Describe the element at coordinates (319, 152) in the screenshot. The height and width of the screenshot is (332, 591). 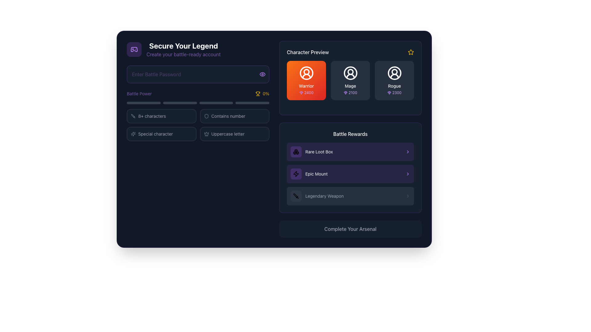
I see `text label 'Rare Loot Box' located in the 'Battle Rewards' section, positioned above 'Epic Mount' and 'Legendary Weapon'` at that location.